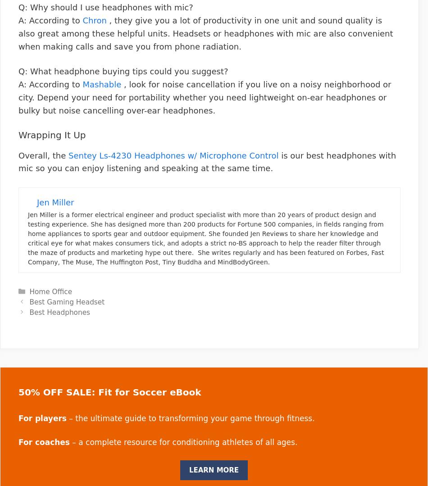  Describe the element at coordinates (206, 161) in the screenshot. I see `'is our best headphones with mic so you can enjoy listening and speaking at the same time.'` at that location.